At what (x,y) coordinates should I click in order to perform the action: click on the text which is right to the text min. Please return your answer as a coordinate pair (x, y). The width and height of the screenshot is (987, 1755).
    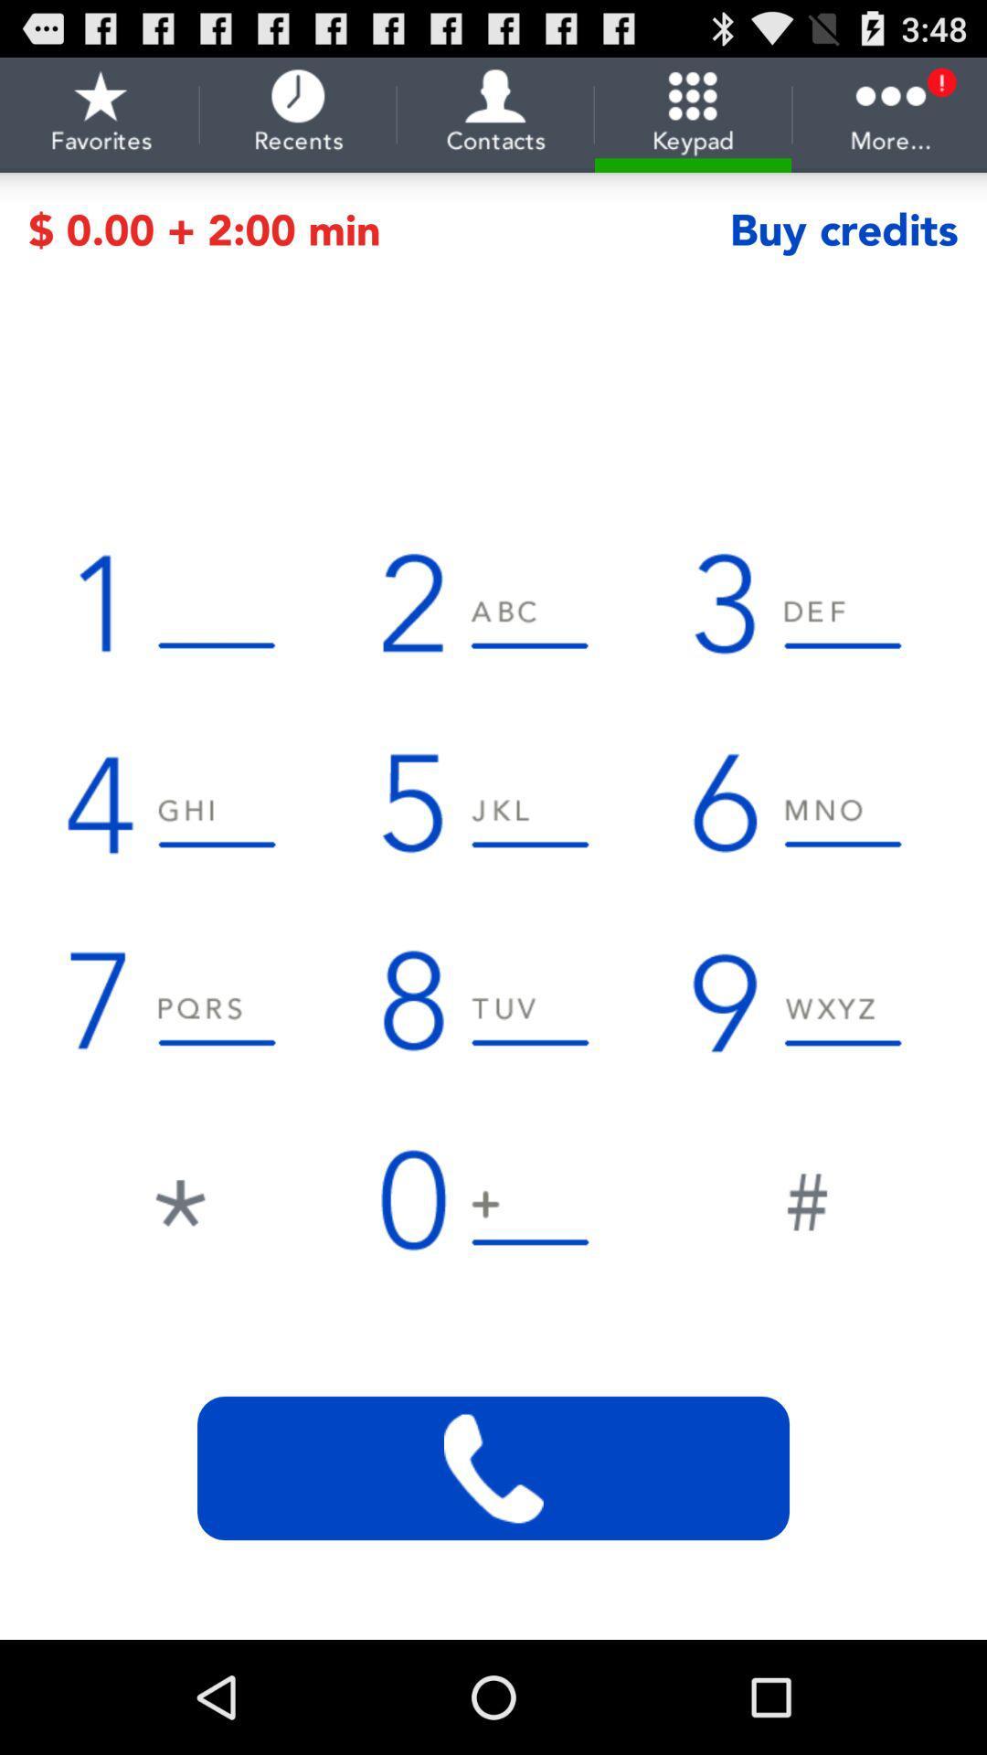
    Looking at the image, I should click on (844, 229).